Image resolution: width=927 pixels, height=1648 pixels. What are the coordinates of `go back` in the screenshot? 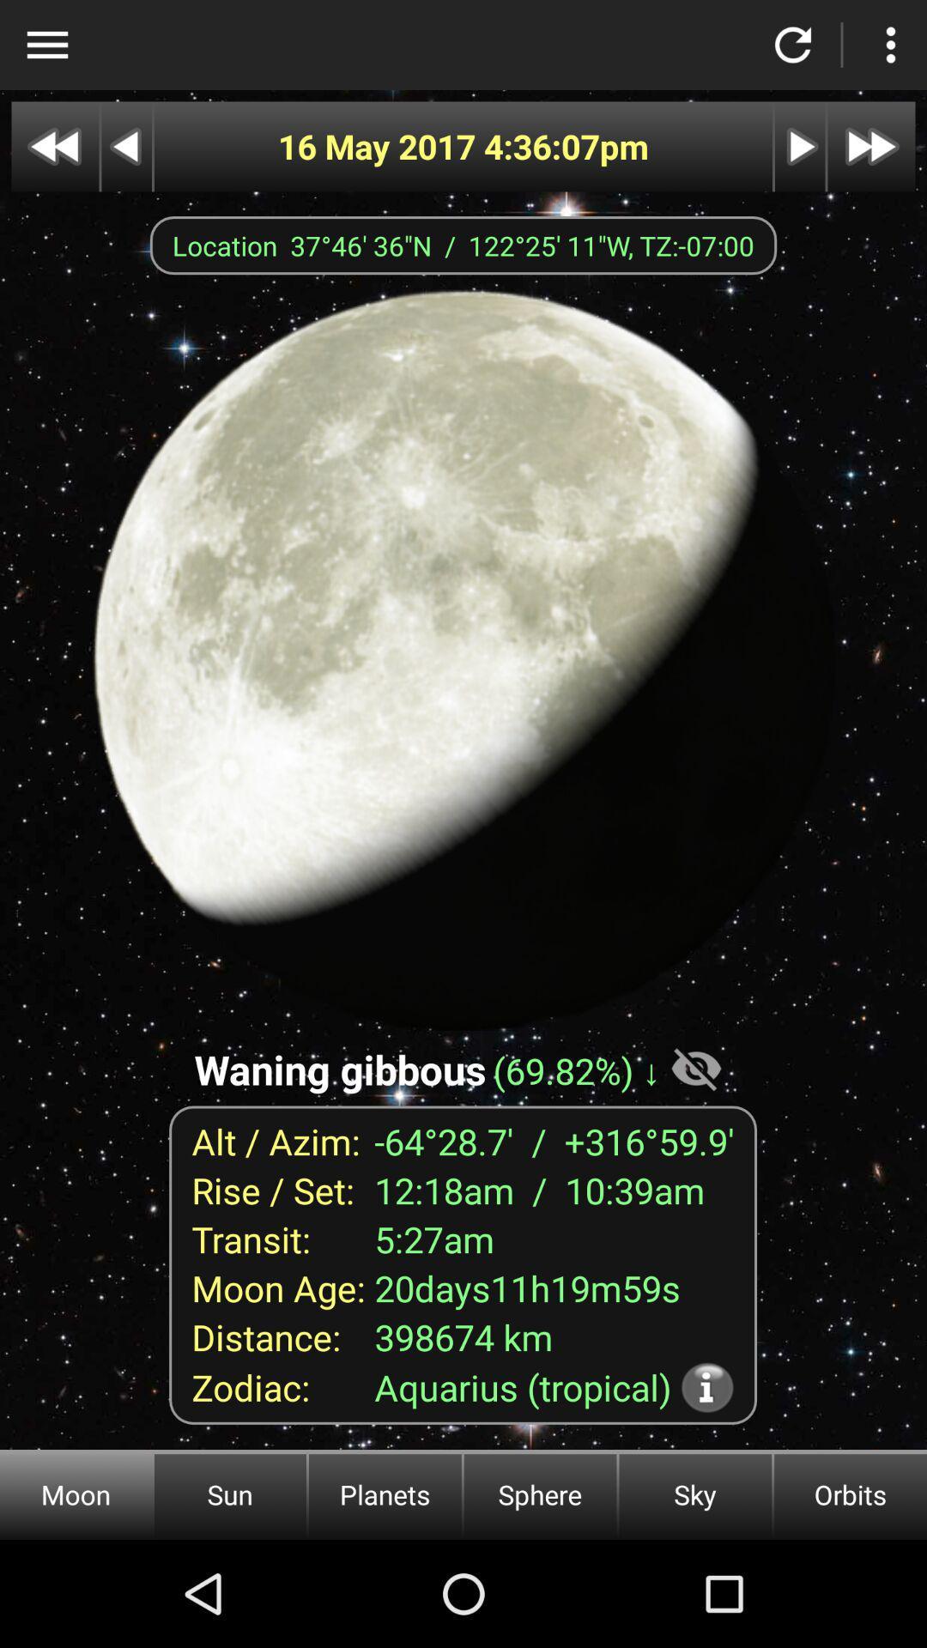 It's located at (125, 147).